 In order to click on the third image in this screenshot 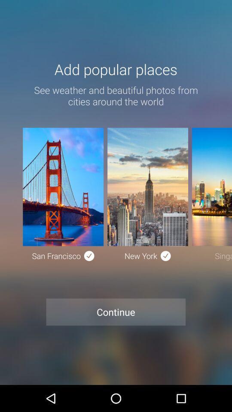, I will do `click(211, 187)`.